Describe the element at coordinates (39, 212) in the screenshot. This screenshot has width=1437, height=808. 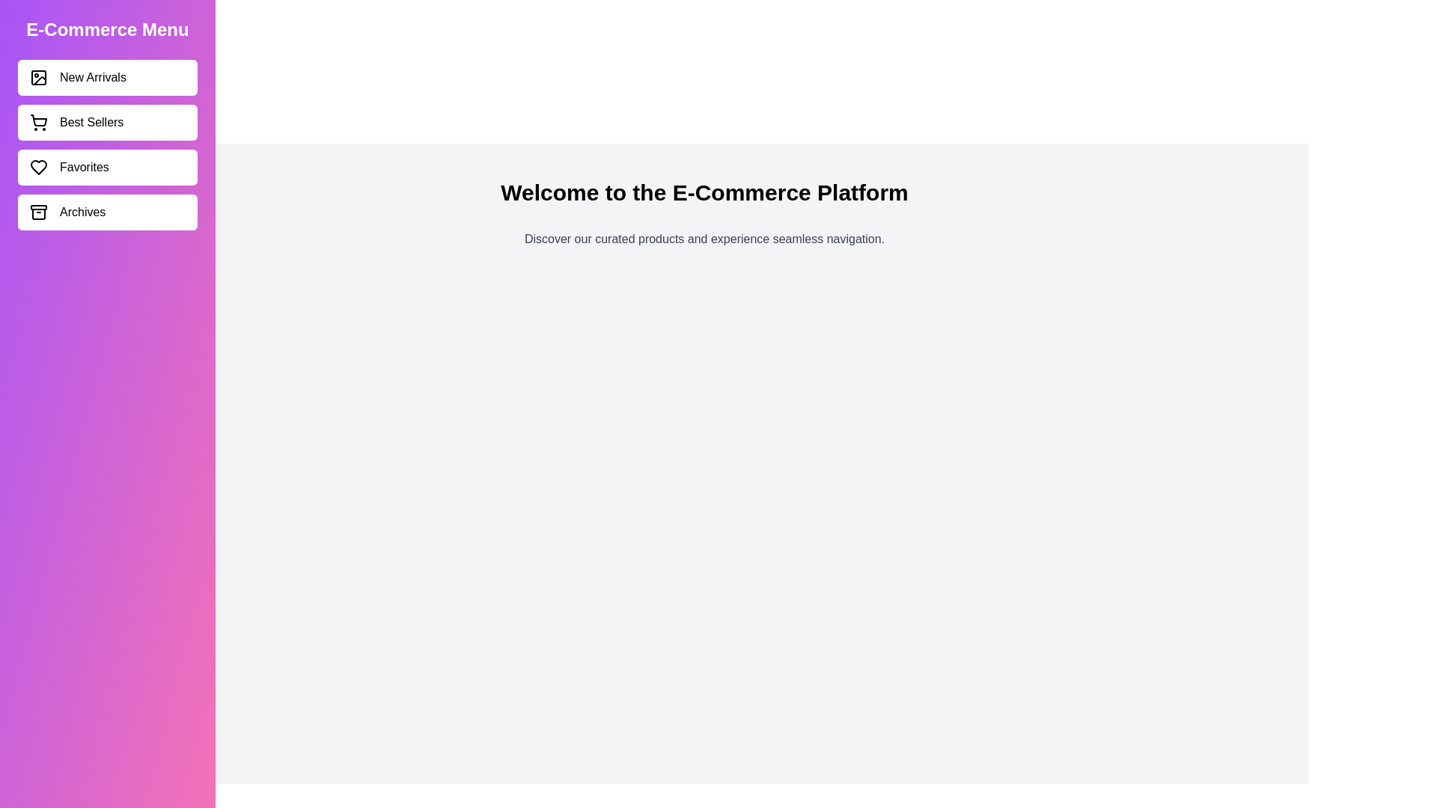
I see `the icon corresponding to Archives in the sidebar` at that location.